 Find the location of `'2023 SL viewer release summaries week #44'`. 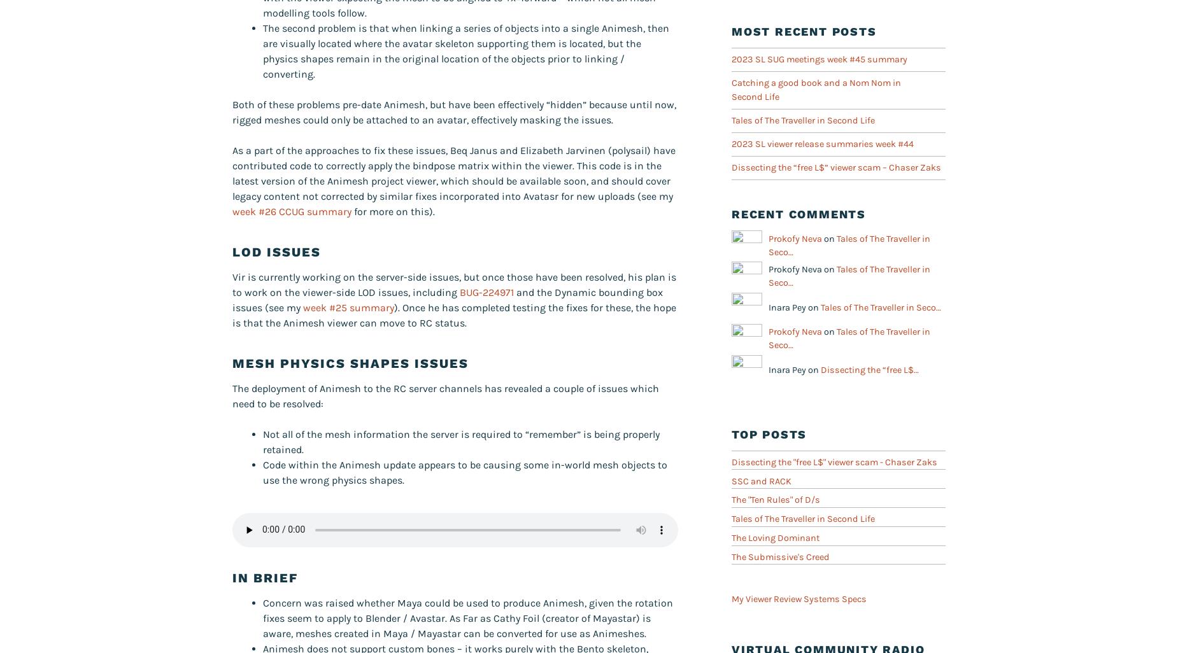

'2023 SL viewer release summaries week #44' is located at coordinates (822, 143).